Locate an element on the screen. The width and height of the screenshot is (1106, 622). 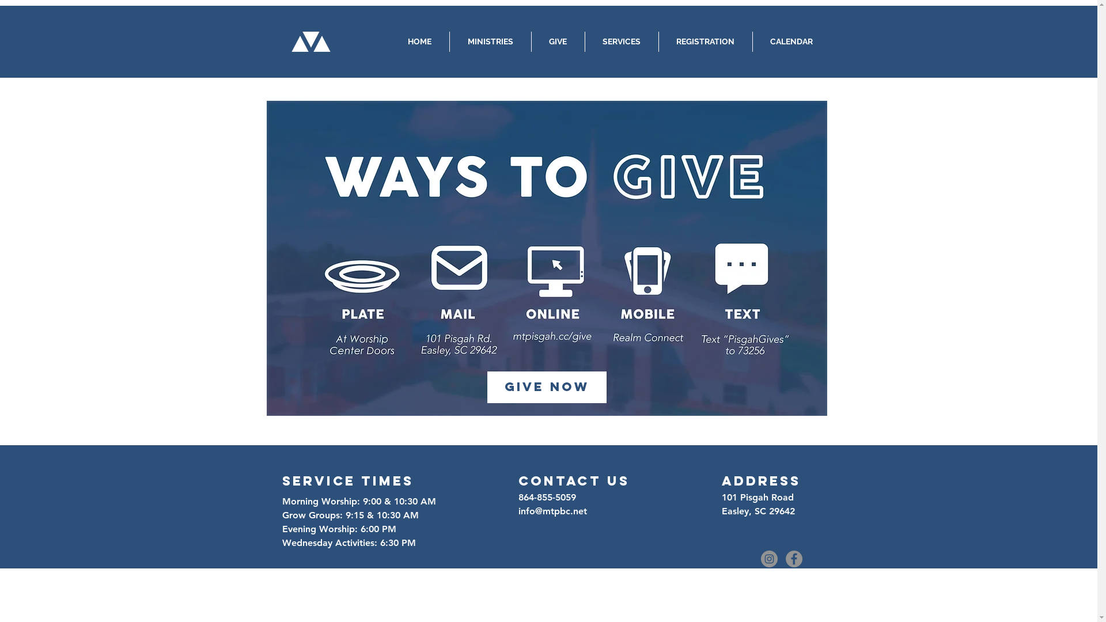
'HOME' is located at coordinates (418, 41).